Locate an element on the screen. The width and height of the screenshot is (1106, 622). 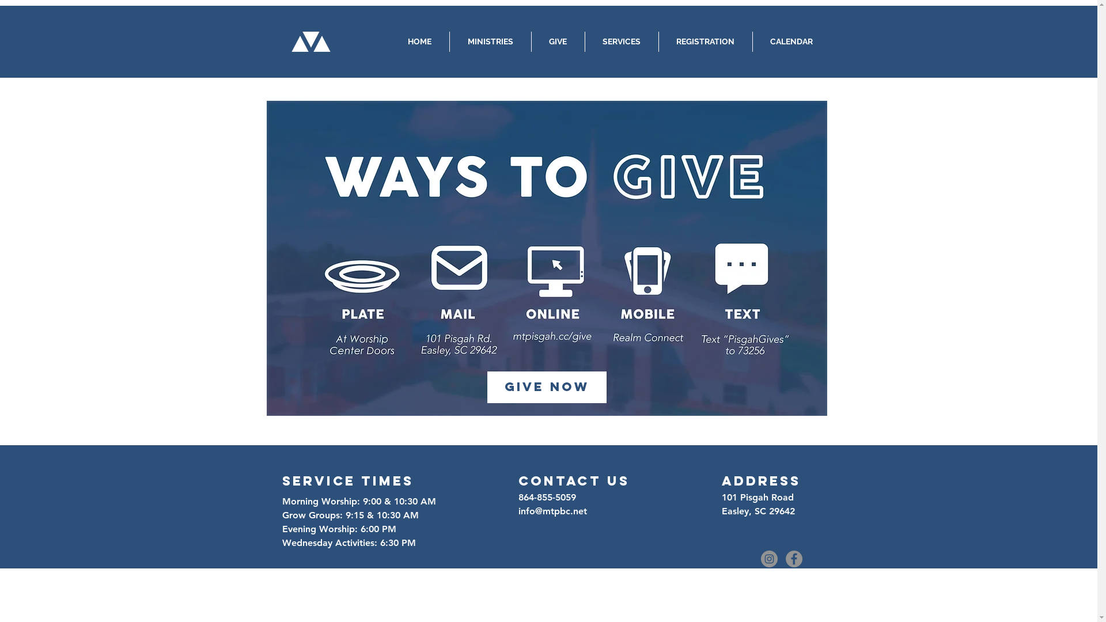
'HOME' is located at coordinates (418, 41).